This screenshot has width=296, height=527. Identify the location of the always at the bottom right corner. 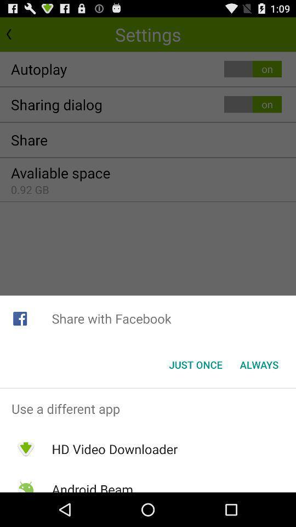
(259, 365).